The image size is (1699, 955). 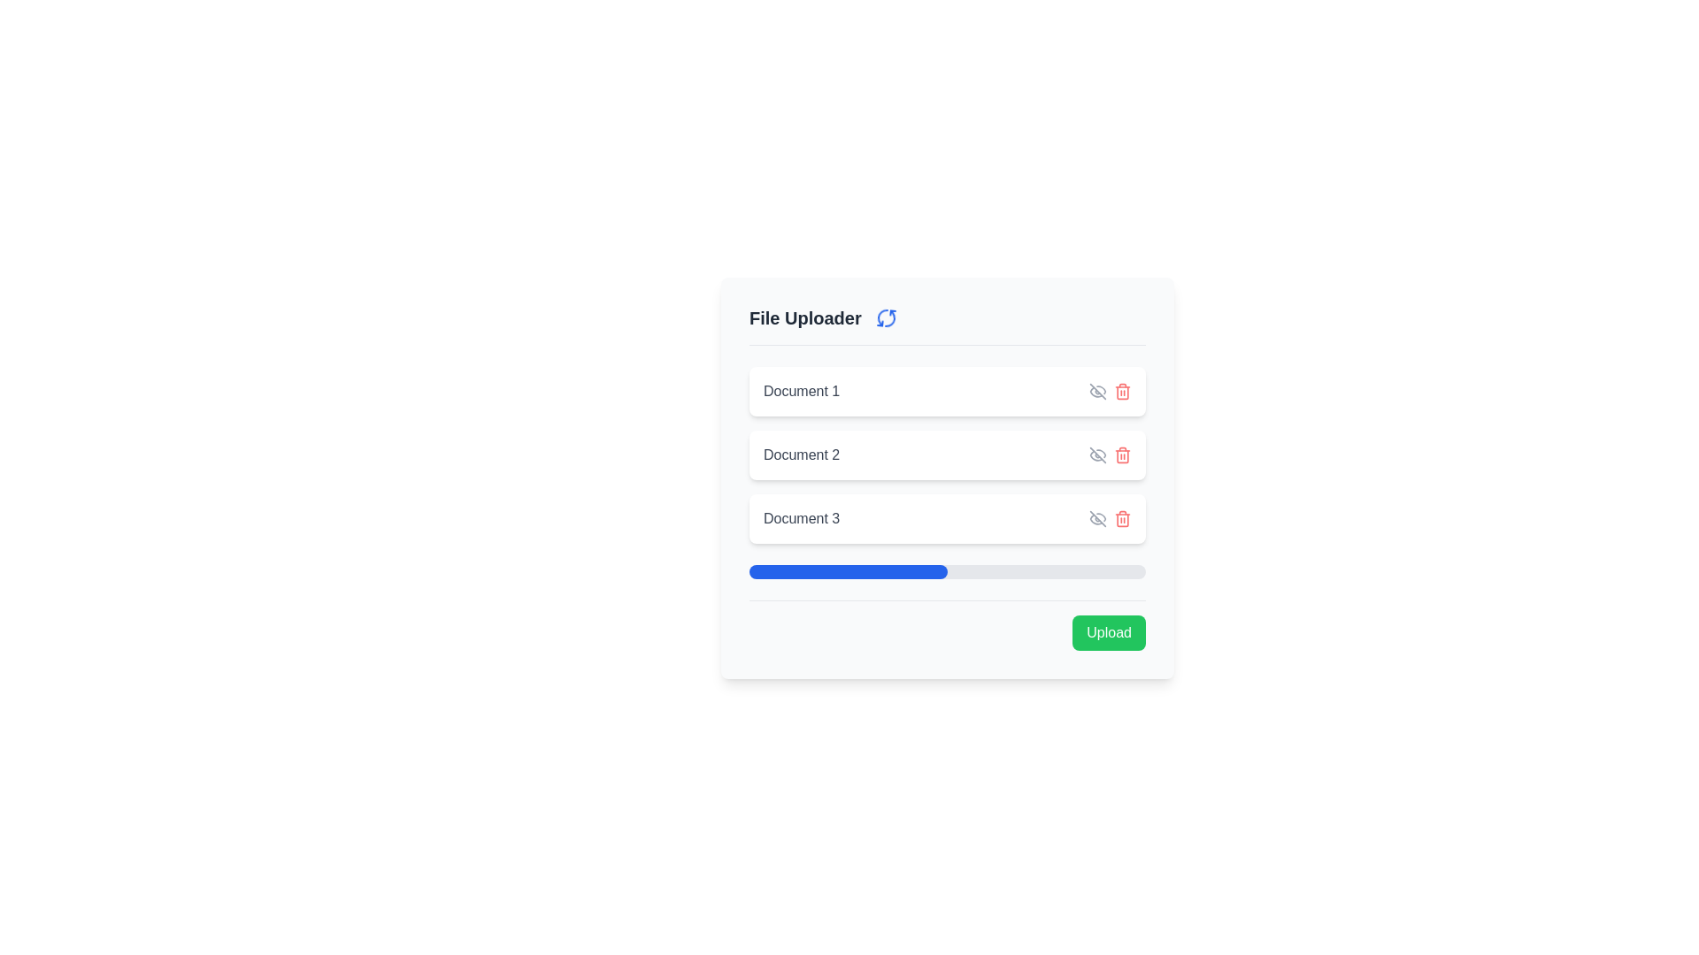 What do you see at coordinates (1108, 632) in the screenshot?
I see `the upload button located at the lower-right corner of the interface` at bounding box center [1108, 632].